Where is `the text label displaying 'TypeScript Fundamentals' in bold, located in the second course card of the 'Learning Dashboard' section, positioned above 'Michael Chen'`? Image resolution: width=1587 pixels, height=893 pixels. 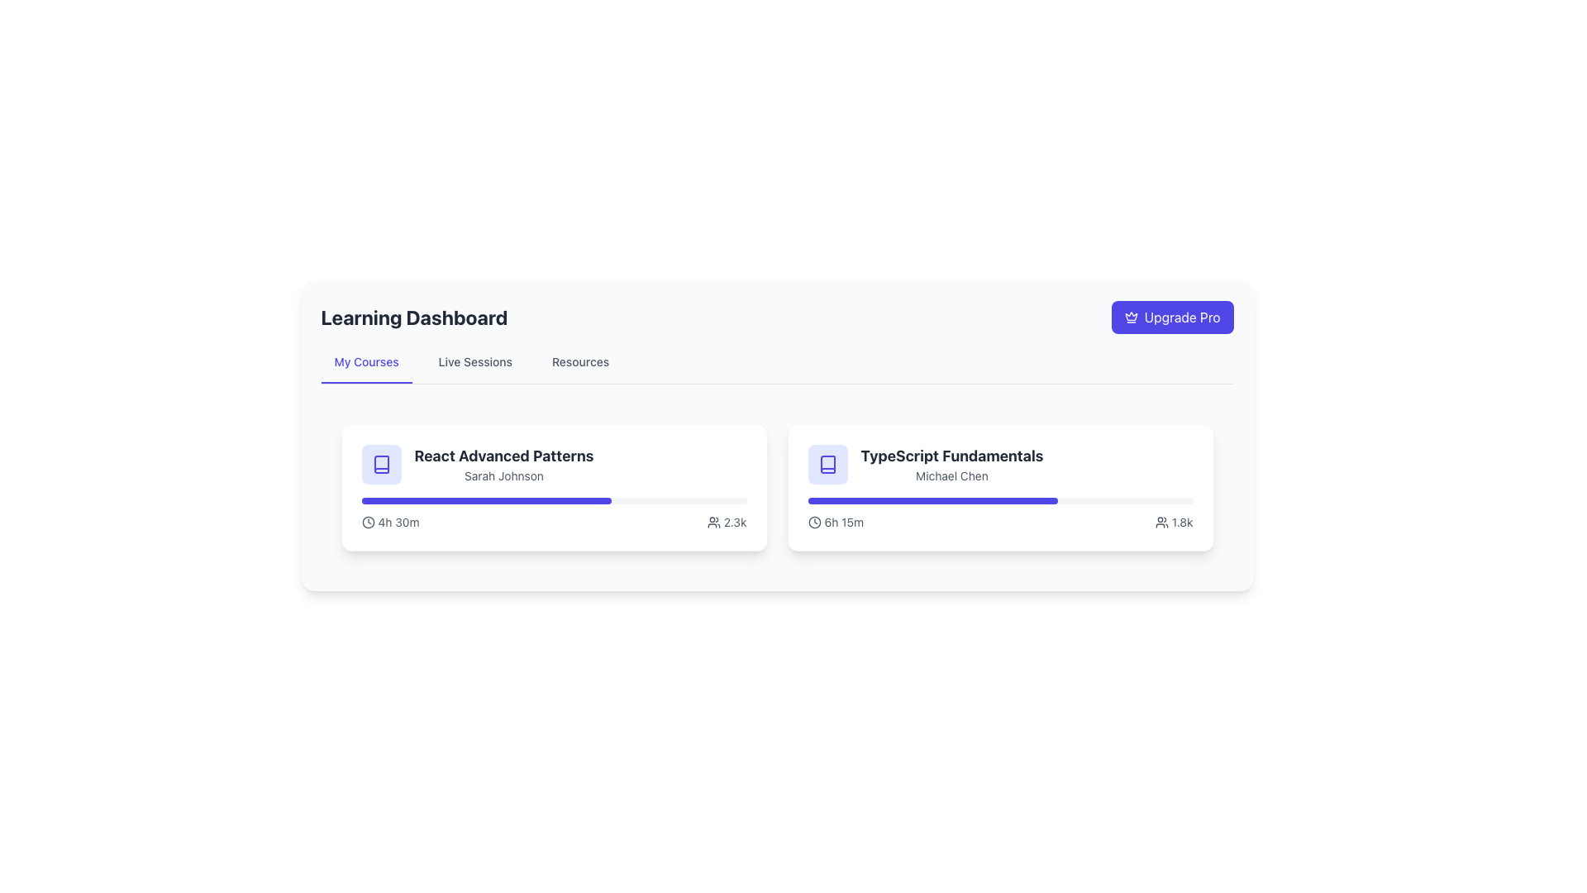
the text label displaying 'TypeScript Fundamentals' in bold, located in the second course card of the 'Learning Dashboard' section, positioned above 'Michael Chen' is located at coordinates (952, 456).